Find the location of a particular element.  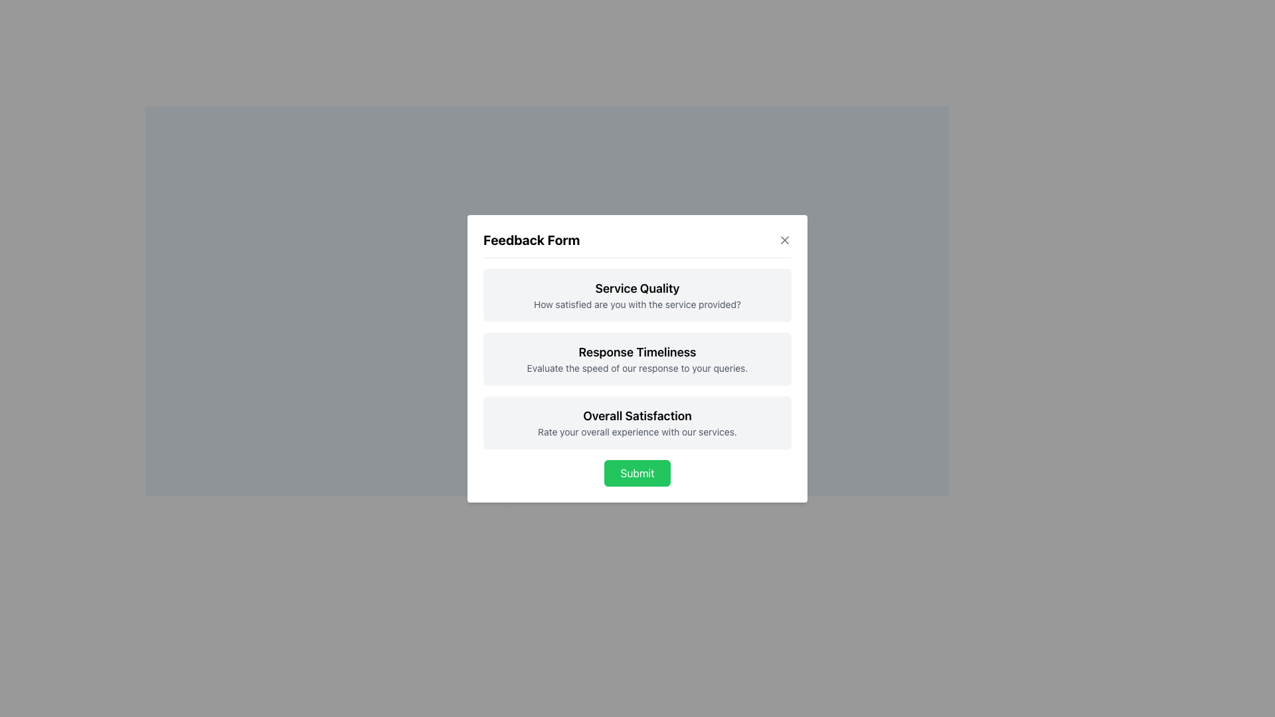

the 'Response Timeliness' feedback section, which is the second section of the 'Feedback Form' interface, featuring a bold title and a light gray background is located at coordinates (637, 358).